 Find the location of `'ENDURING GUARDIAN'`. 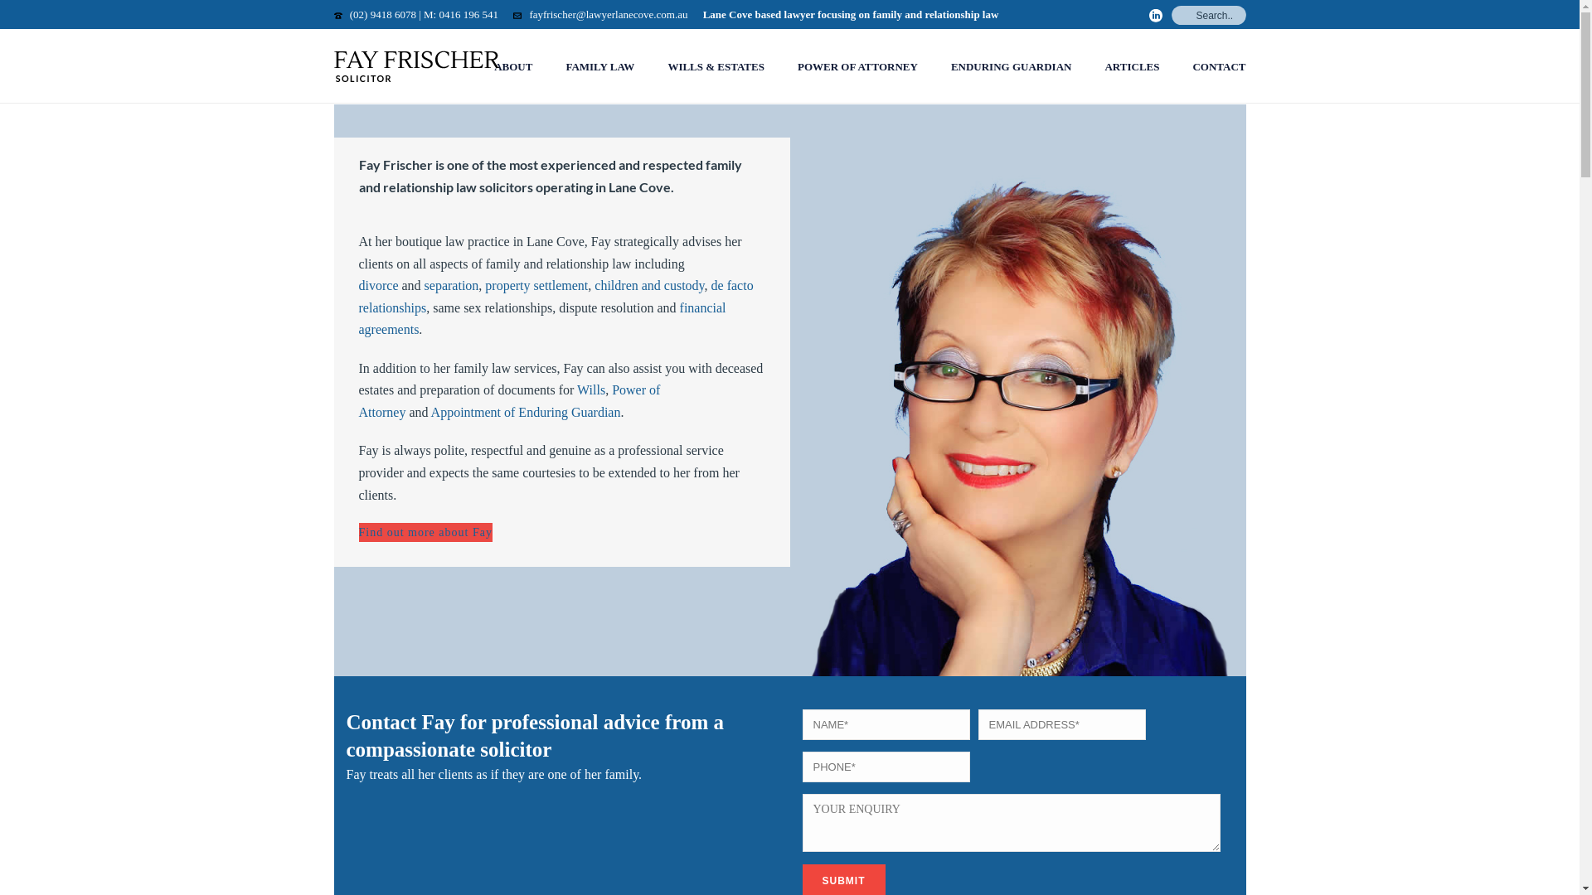

'ENDURING GUARDIAN' is located at coordinates (1010, 66).